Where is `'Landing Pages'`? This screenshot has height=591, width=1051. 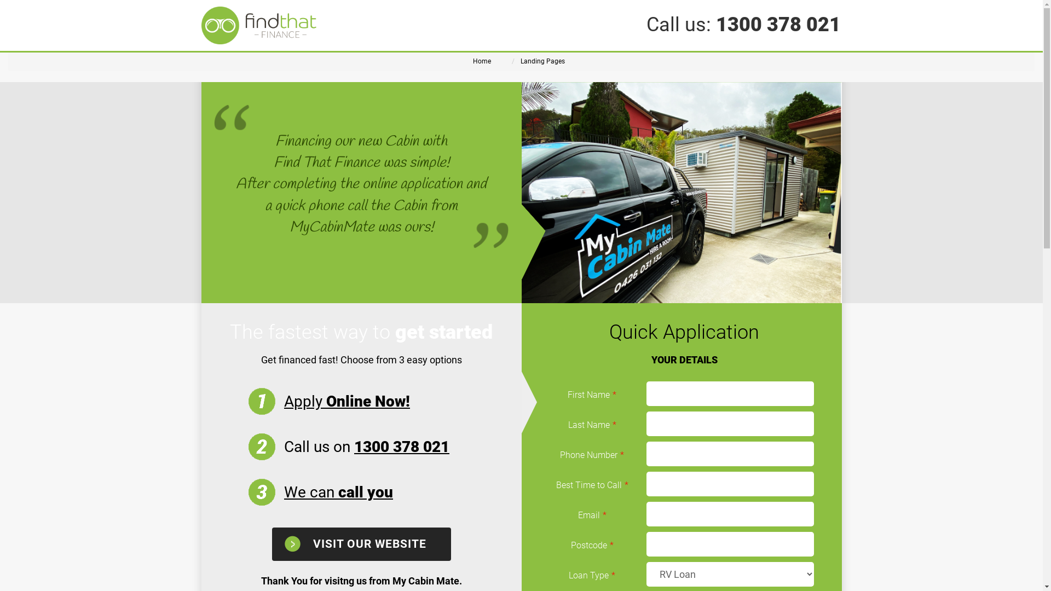
'Landing Pages' is located at coordinates (542, 61).